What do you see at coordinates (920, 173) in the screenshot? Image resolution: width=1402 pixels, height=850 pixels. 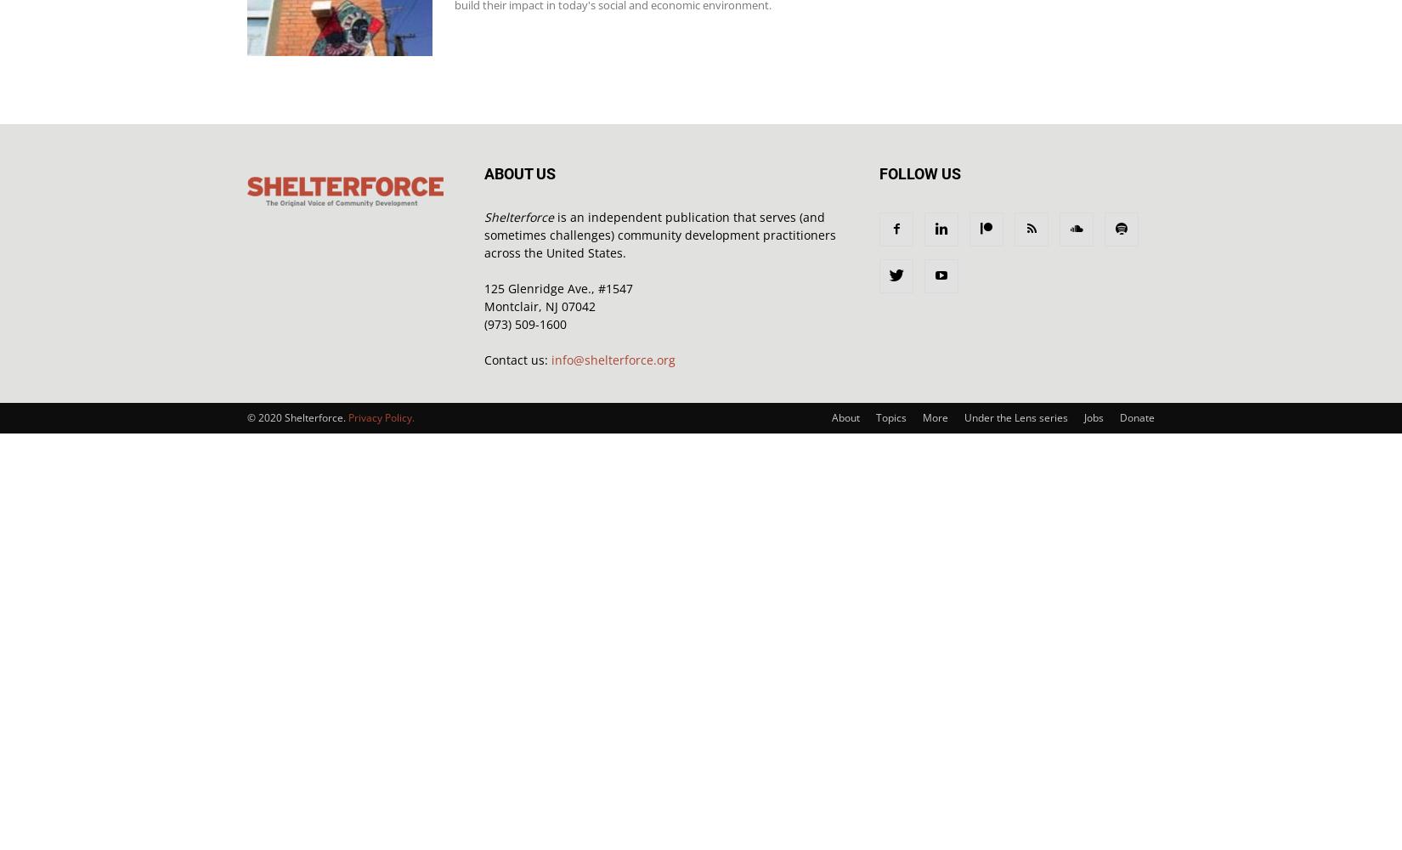 I see `'FOLLOW US'` at bounding box center [920, 173].